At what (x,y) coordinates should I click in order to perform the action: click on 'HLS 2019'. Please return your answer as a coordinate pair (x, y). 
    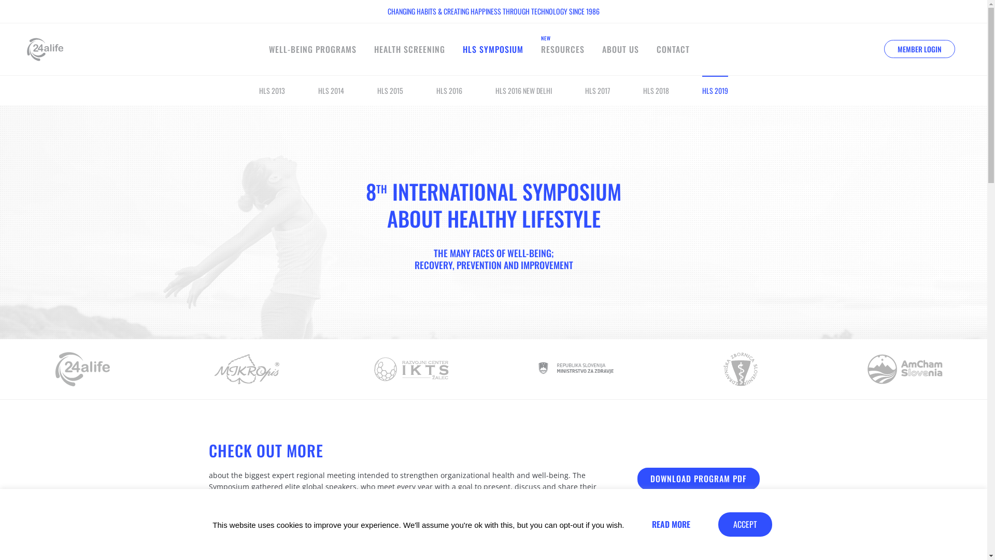
    Looking at the image, I should click on (702, 90).